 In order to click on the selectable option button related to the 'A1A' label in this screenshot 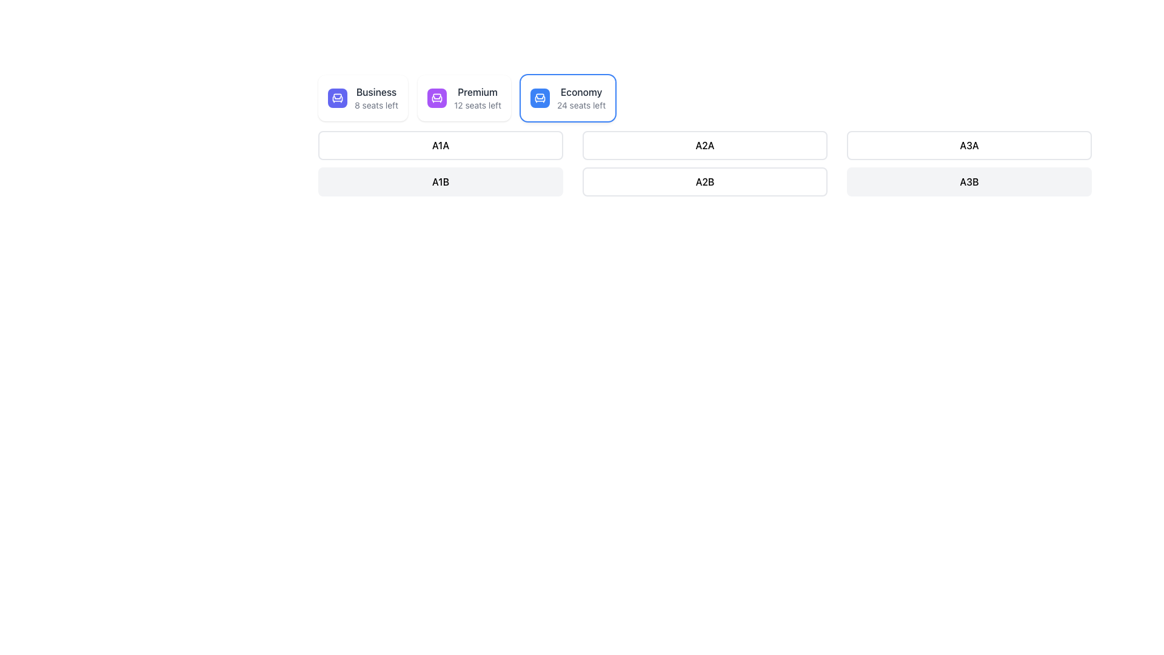, I will do `click(440, 144)`.